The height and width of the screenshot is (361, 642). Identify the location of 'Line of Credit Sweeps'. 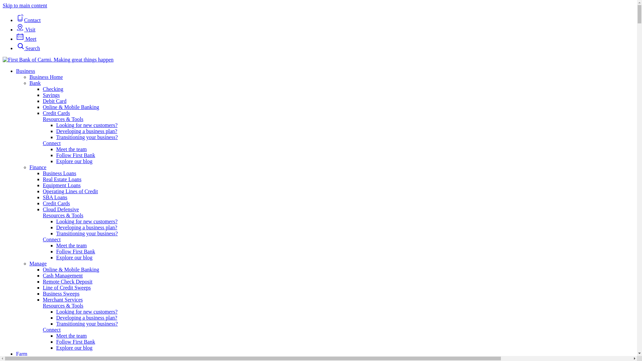
(67, 287).